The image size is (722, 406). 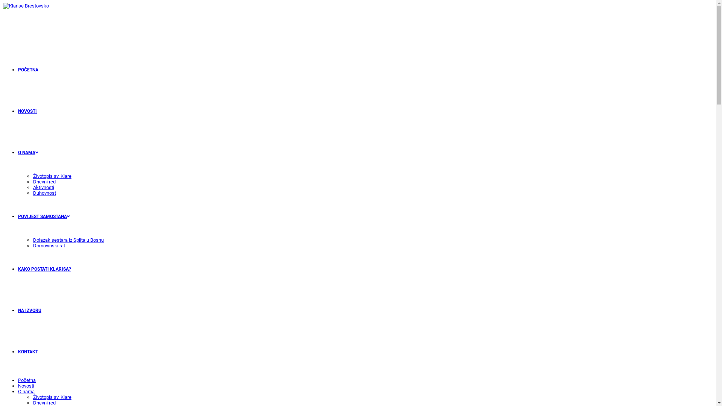 What do you see at coordinates (44, 269) in the screenshot?
I see `'KAKO POSTATI KLARISA?'` at bounding box center [44, 269].